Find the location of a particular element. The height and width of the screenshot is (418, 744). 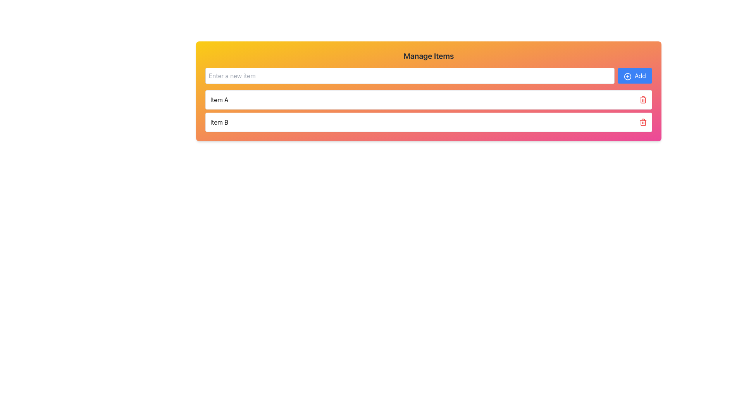

the Trash Bin icon is located at coordinates (643, 122).